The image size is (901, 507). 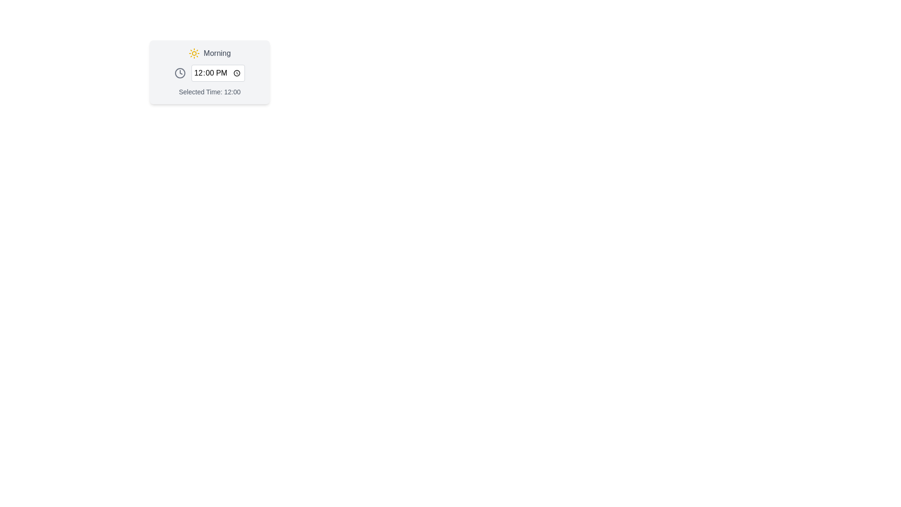 I want to click on the Clock Icon, which is represented as an SVG graphic with a gray color and thin stroke lines, located to the left of the time picker field displaying '12:00 PM', so click(x=180, y=72).